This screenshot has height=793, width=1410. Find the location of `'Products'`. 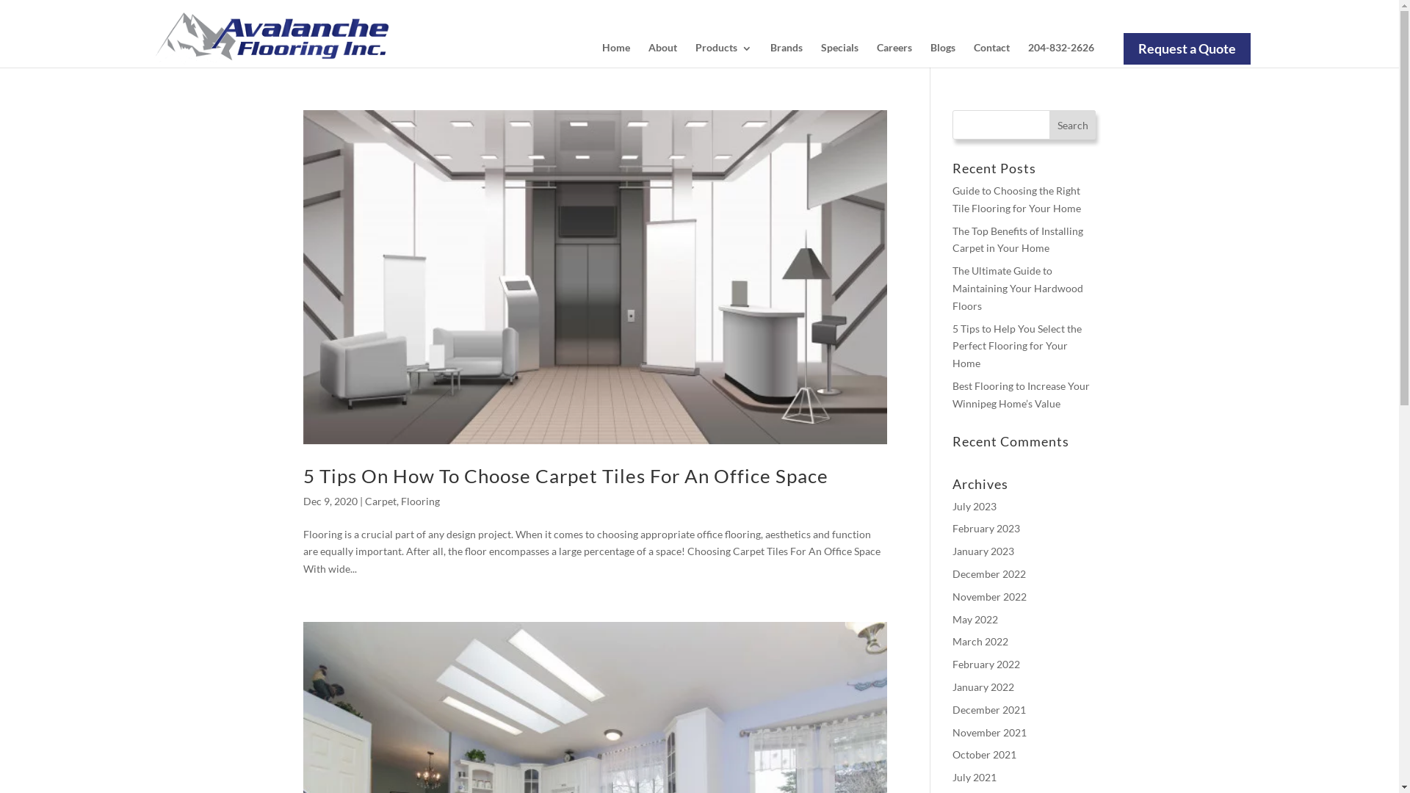

'Products' is located at coordinates (723, 49).